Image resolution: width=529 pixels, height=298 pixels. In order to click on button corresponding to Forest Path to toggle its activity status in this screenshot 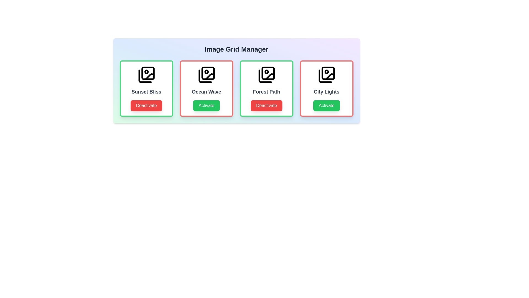, I will do `click(266, 105)`.